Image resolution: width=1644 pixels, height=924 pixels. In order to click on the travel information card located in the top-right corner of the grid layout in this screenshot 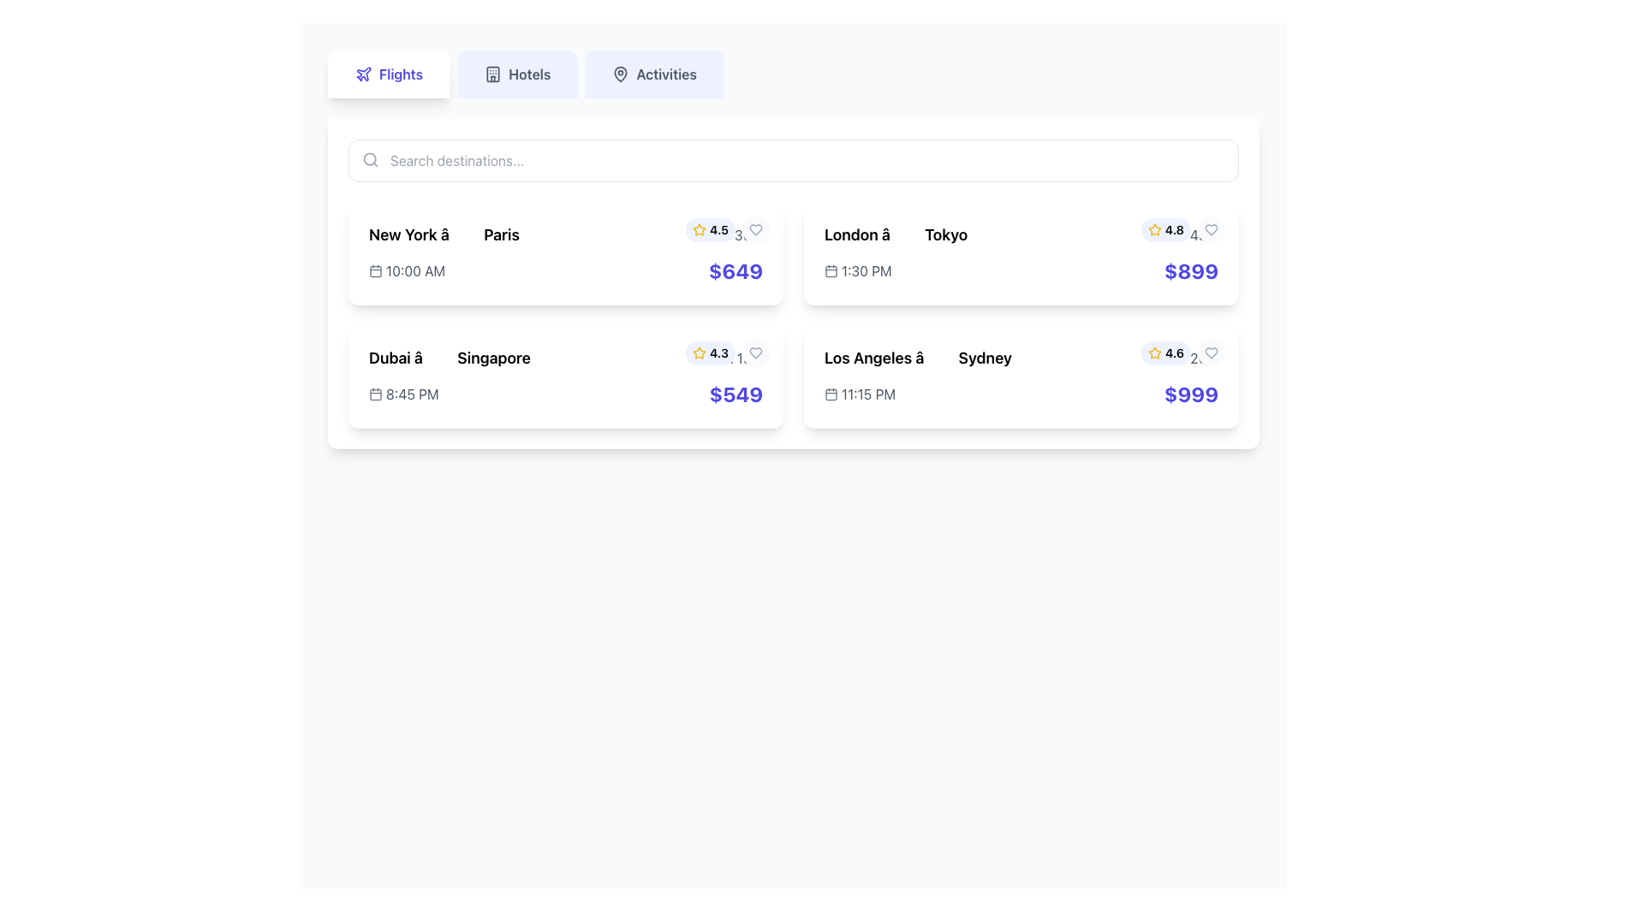, I will do `click(1022, 254)`.